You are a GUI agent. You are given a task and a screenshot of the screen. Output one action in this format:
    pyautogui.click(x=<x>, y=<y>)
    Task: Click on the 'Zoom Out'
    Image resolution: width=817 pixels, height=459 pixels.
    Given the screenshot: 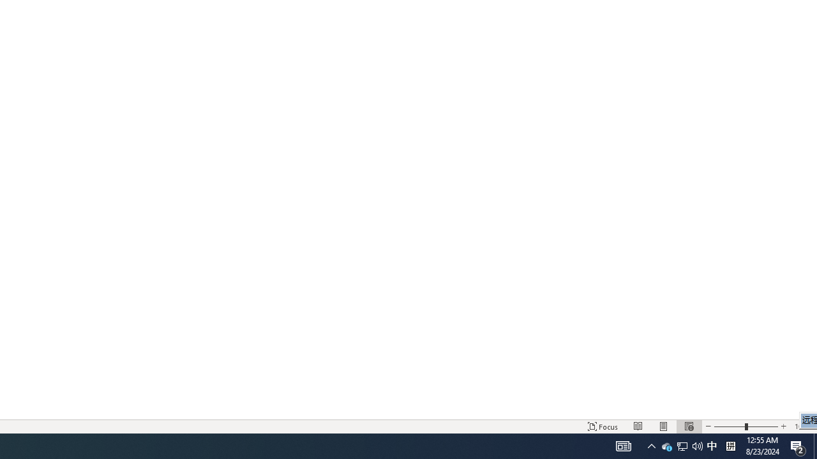 What is the action you would take?
    pyautogui.click(x=730, y=426)
    